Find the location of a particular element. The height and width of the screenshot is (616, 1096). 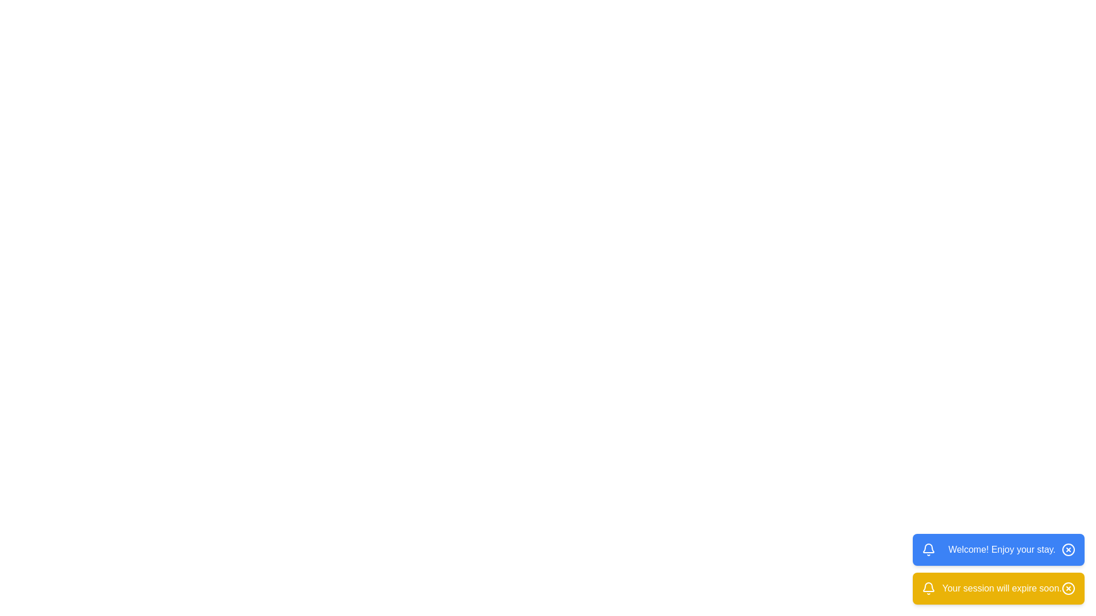

close button of the notification to dismiss it is located at coordinates (1068, 549).